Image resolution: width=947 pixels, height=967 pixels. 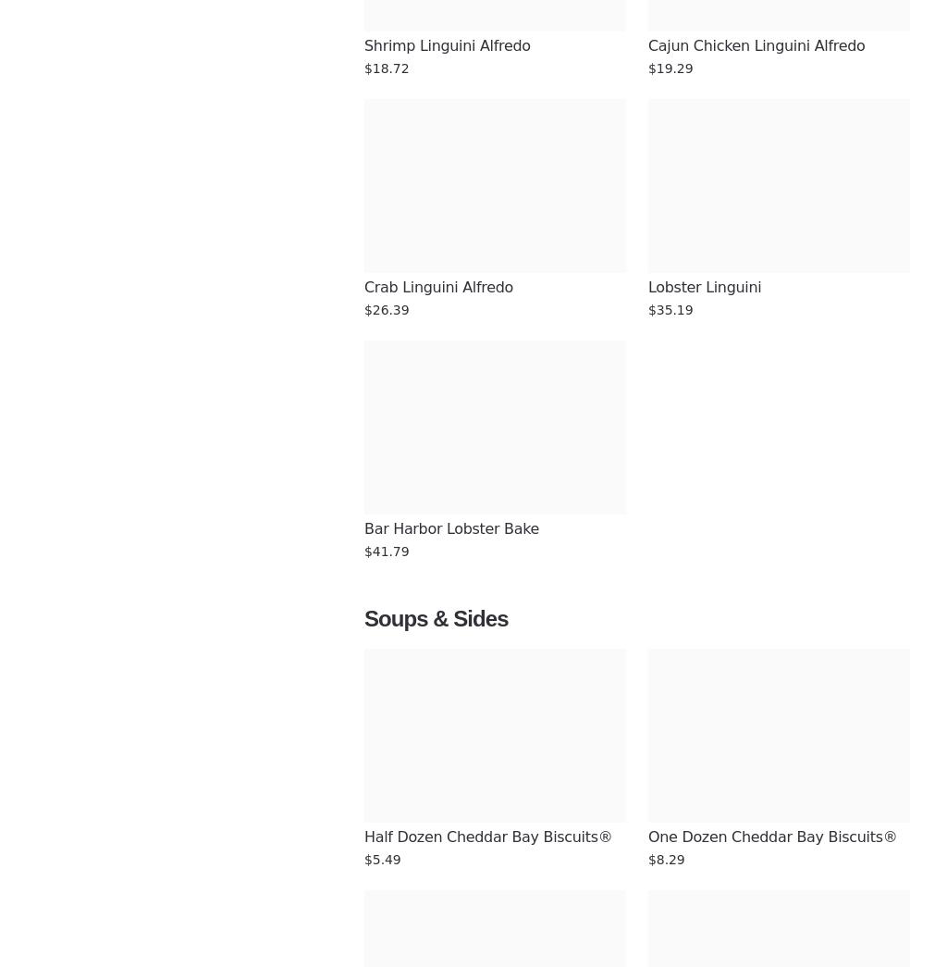 What do you see at coordinates (670, 68) in the screenshot?
I see `'$19.29'` at bounding box center [670, 68].